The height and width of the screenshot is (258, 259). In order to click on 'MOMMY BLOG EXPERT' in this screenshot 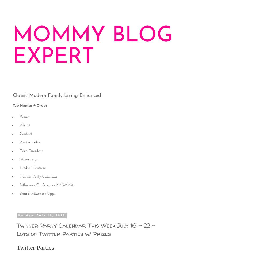, I will do `click(93, 46)`.